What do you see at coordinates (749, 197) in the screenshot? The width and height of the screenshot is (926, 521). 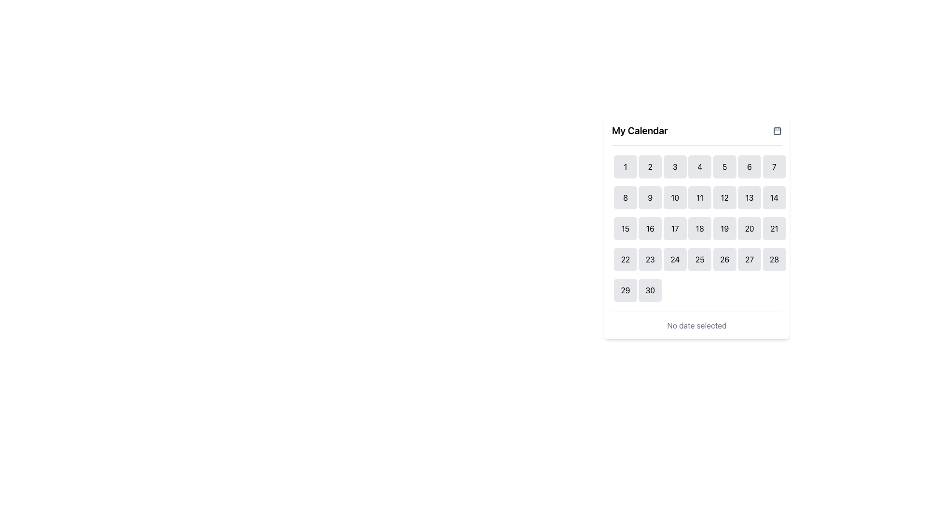 I see `the square button with the number '13' and a light gray background` at bounding box center [749, 197].